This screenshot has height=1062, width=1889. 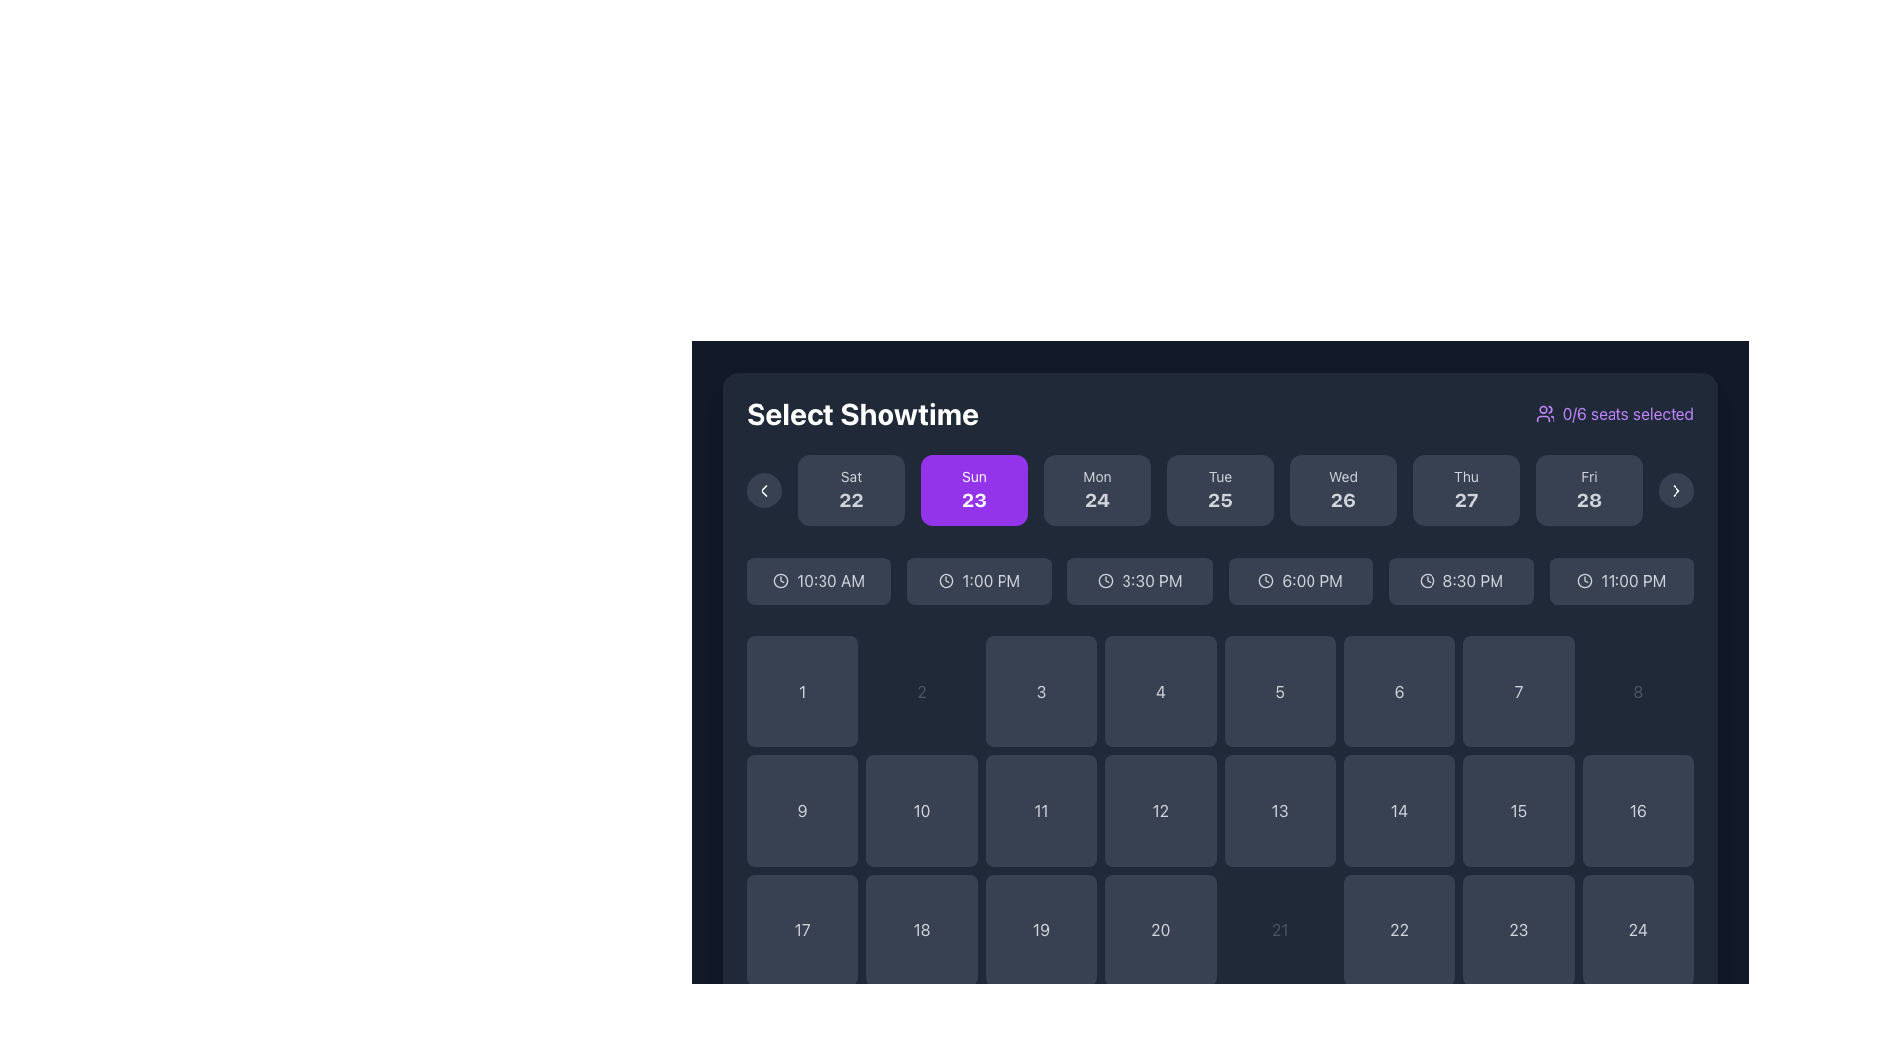 What do you see at coordinates (1096, 477) in the screenshot?
I see `the text label displaying 'Mon' in light gray color on a dark background` at bounding box center [1096, 477].